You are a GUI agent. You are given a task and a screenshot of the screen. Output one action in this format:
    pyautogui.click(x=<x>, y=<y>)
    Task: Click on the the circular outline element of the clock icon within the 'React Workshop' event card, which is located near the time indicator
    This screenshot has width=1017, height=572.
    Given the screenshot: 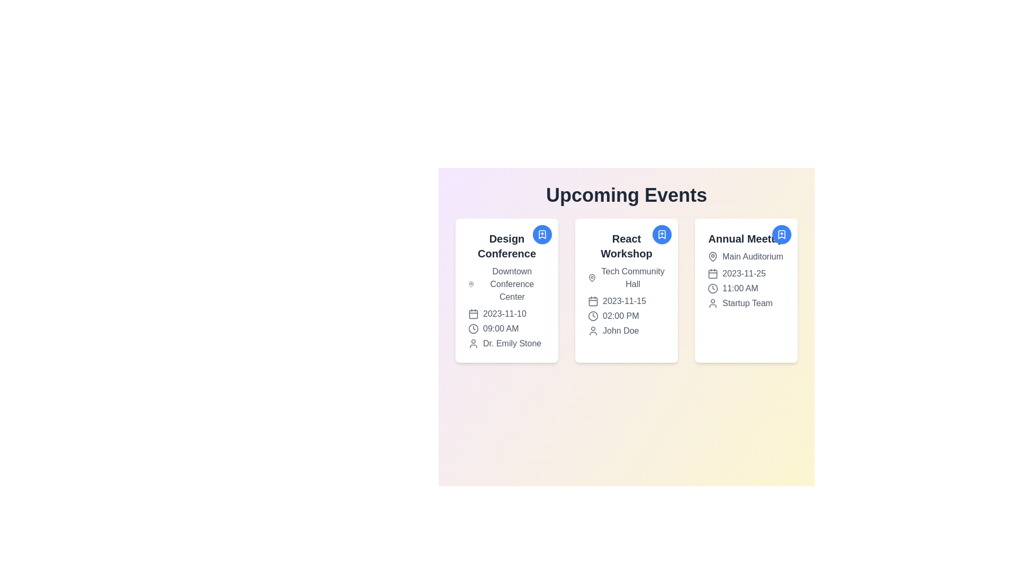 What is the action you would take?
    pyautogui.click(x=712, y=288)
    